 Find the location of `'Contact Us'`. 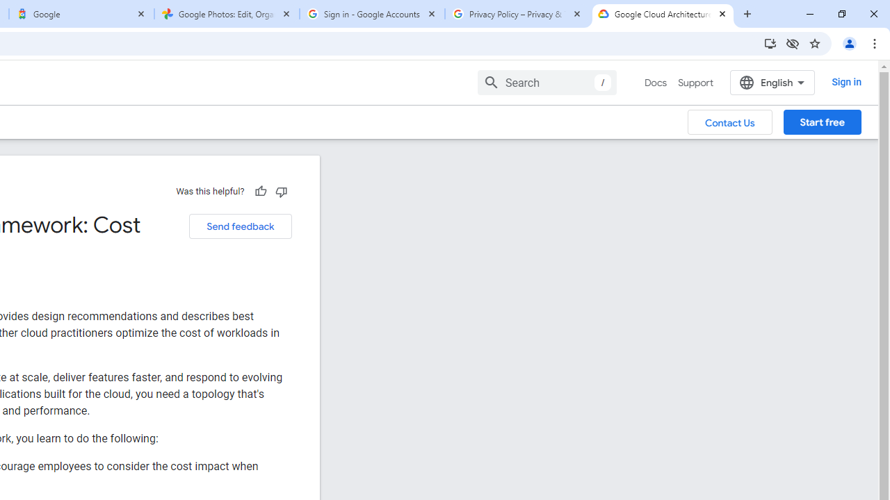

'Contact Us' is located at coordinates (729, 121).